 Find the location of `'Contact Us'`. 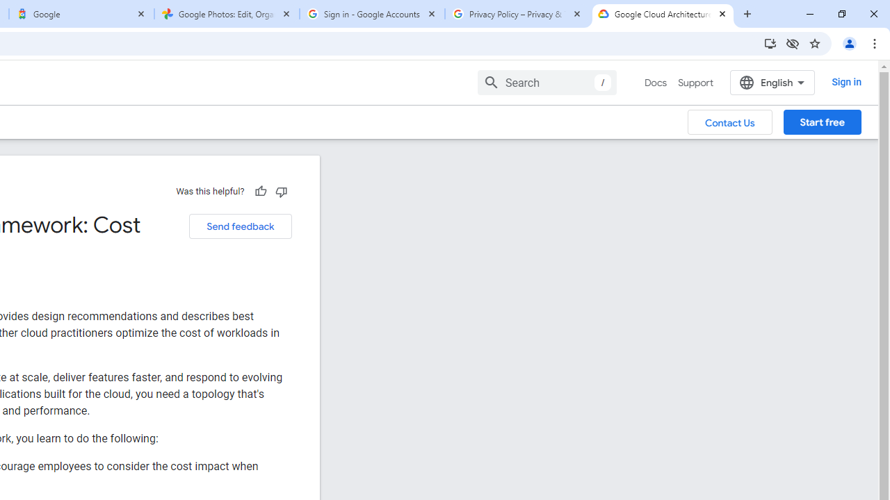

'Contact Us' is located at coordinates (729, 121).